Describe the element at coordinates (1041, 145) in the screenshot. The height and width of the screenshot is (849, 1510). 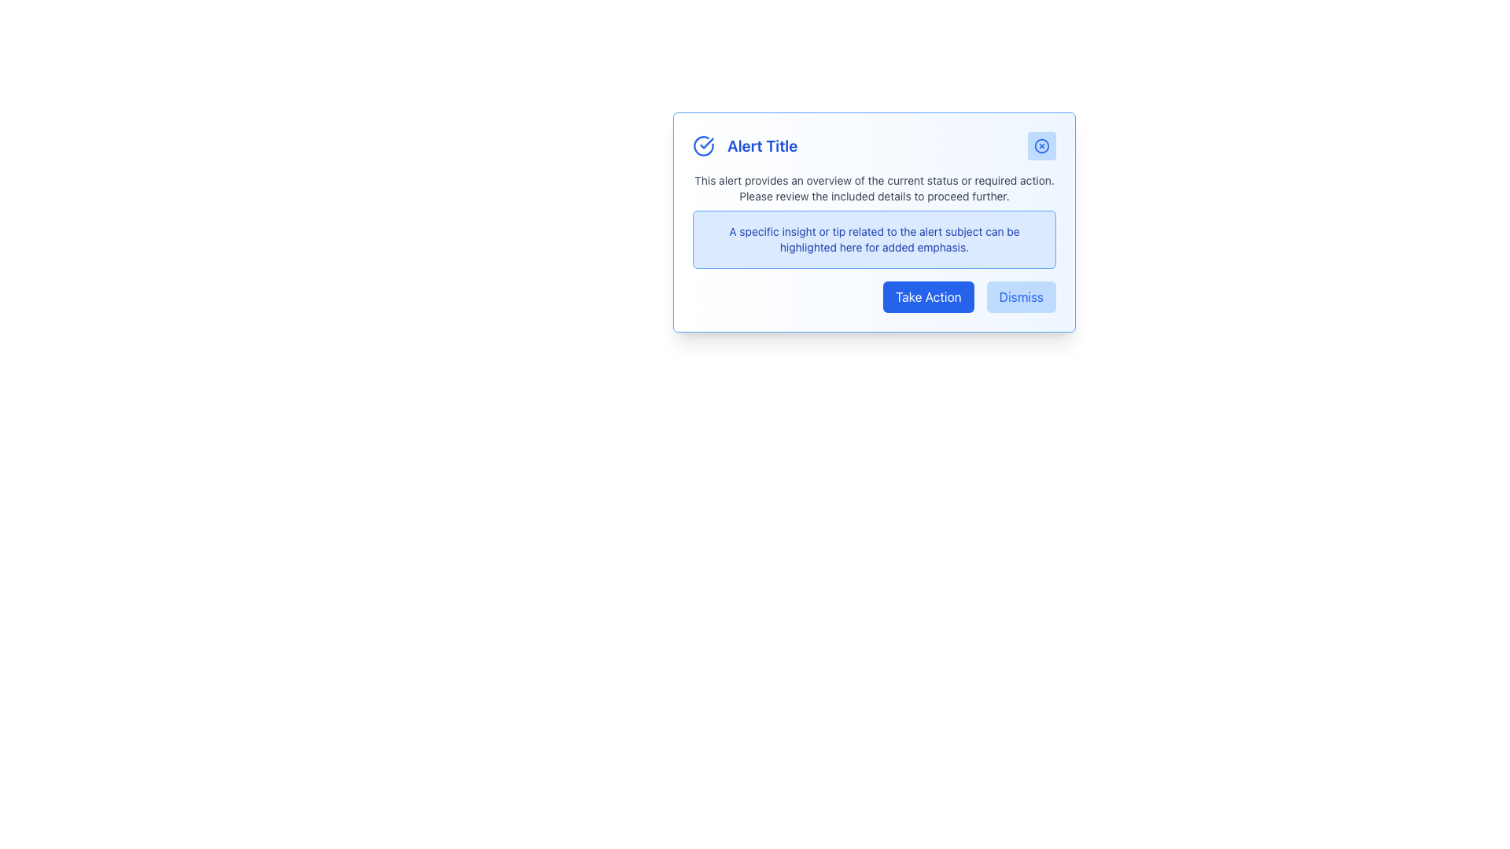
I see `the dismiss button located in the top-right corner of the alert card` at that location.